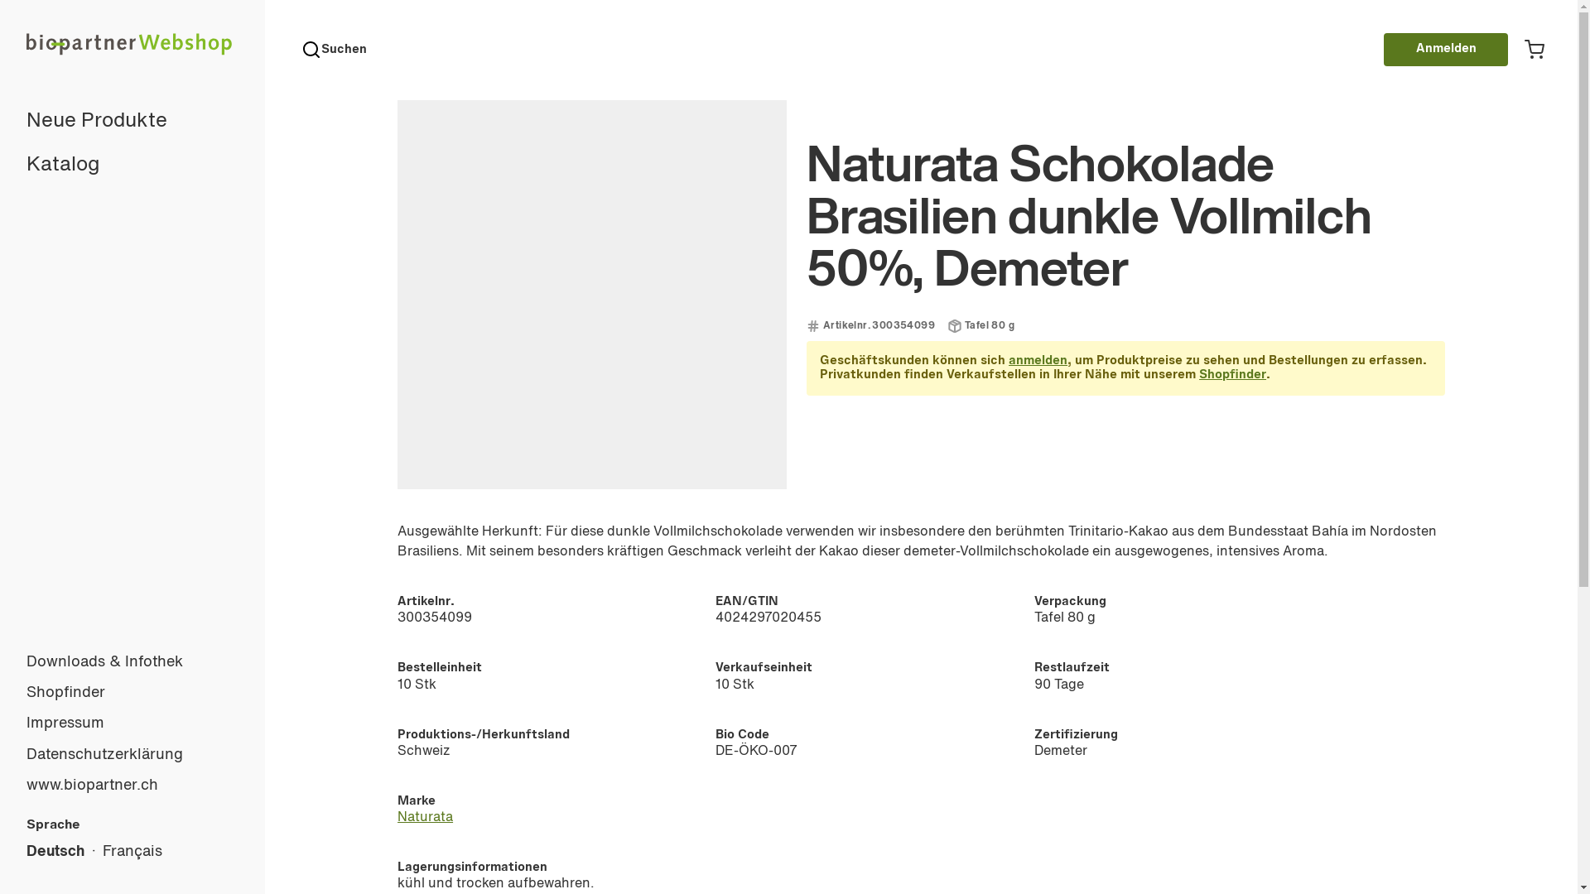  I want to click on 'Suchen', so click(333, 49).